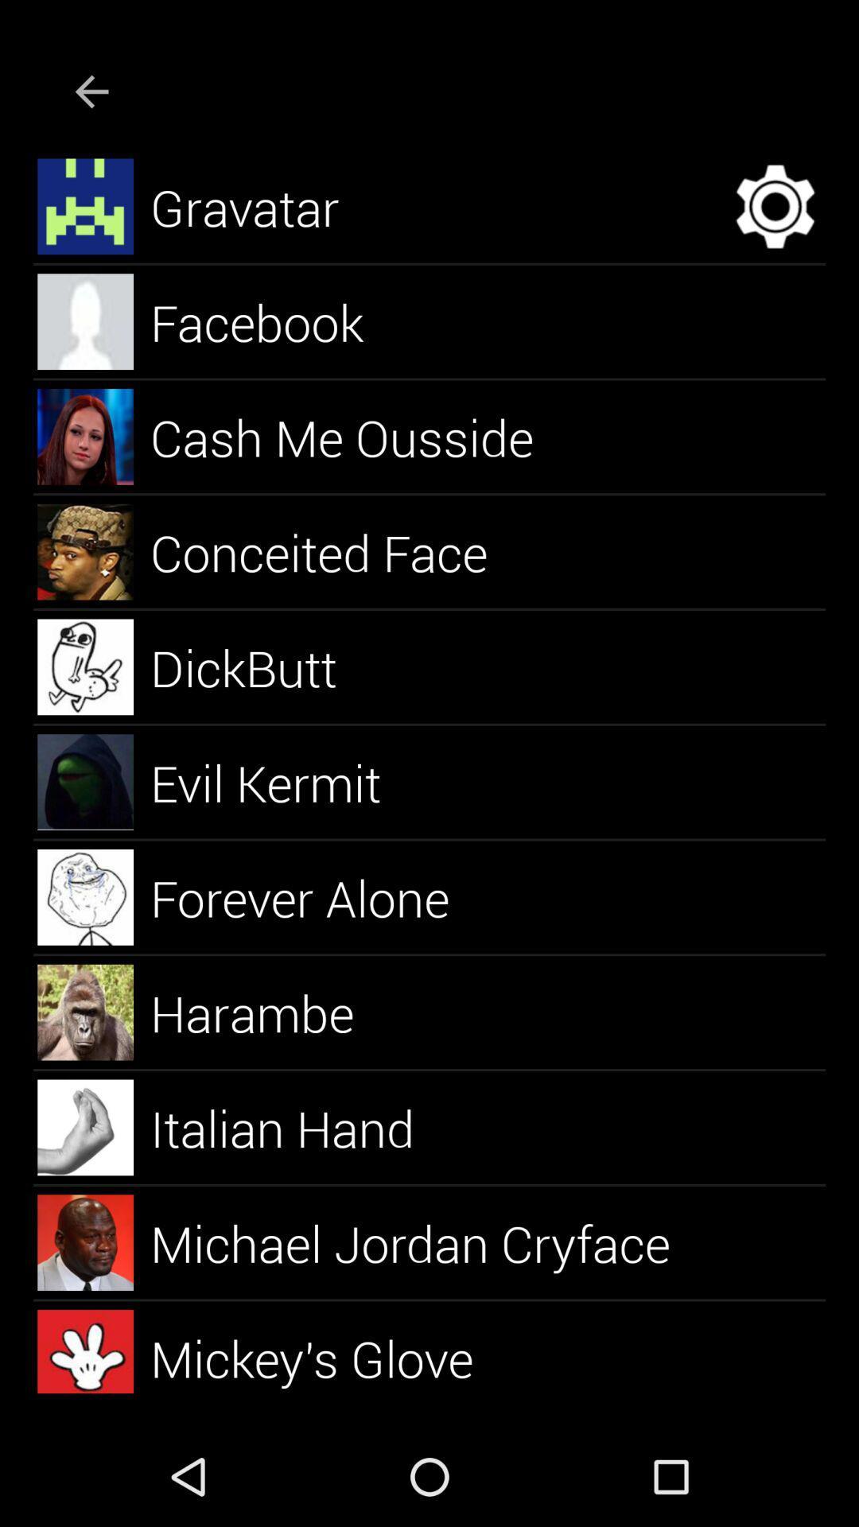 This screenshot has width=859, height=1527. Describe the element at coordinates (274, 321) in the screenshot. I see `facebook icon` at that location.